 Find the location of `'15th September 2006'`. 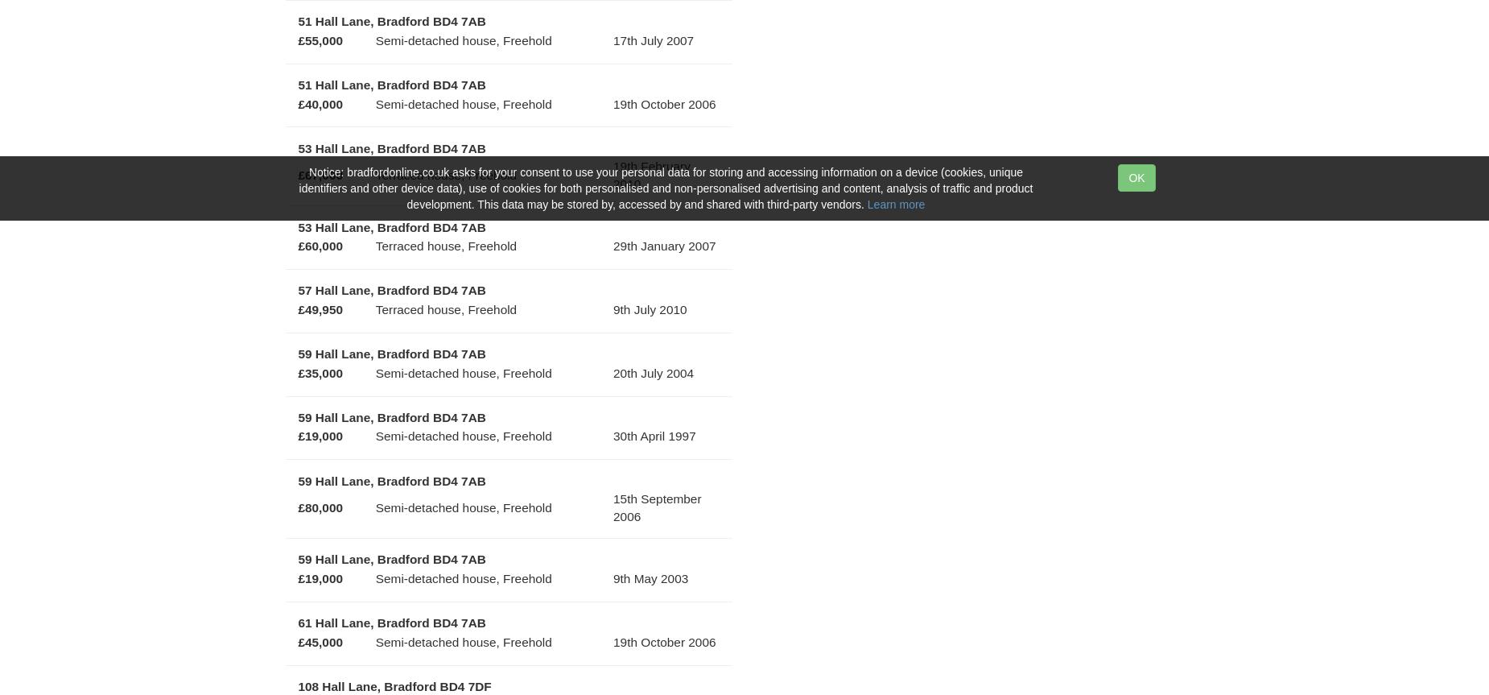

'15th September 2006' is located at coordinates (657, 506).